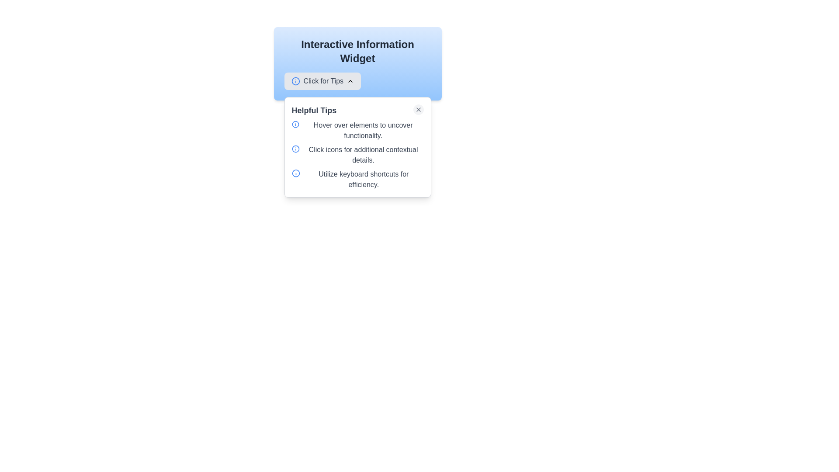 This screenshot has height=472, width=839. I want to click on the informational text displaying 'Hover over elements to uncover functionality.' located in the middle of the 'Helpful Tips' section below the title 'Interactive Information Widget.', so click(363, 131).